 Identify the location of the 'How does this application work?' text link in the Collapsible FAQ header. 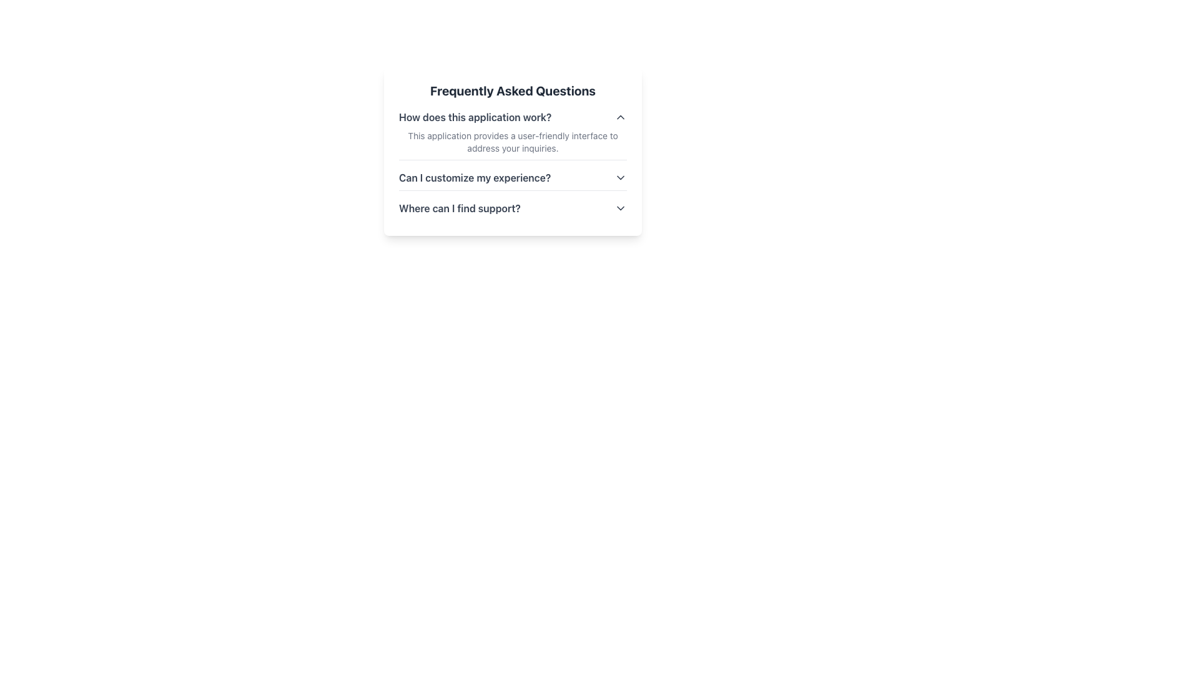
(513, 117).